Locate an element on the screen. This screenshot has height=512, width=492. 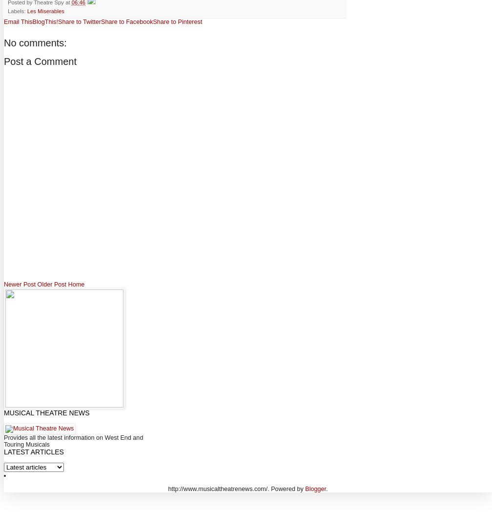
'Musical Theatre News' is located at coordinates (46, 412).